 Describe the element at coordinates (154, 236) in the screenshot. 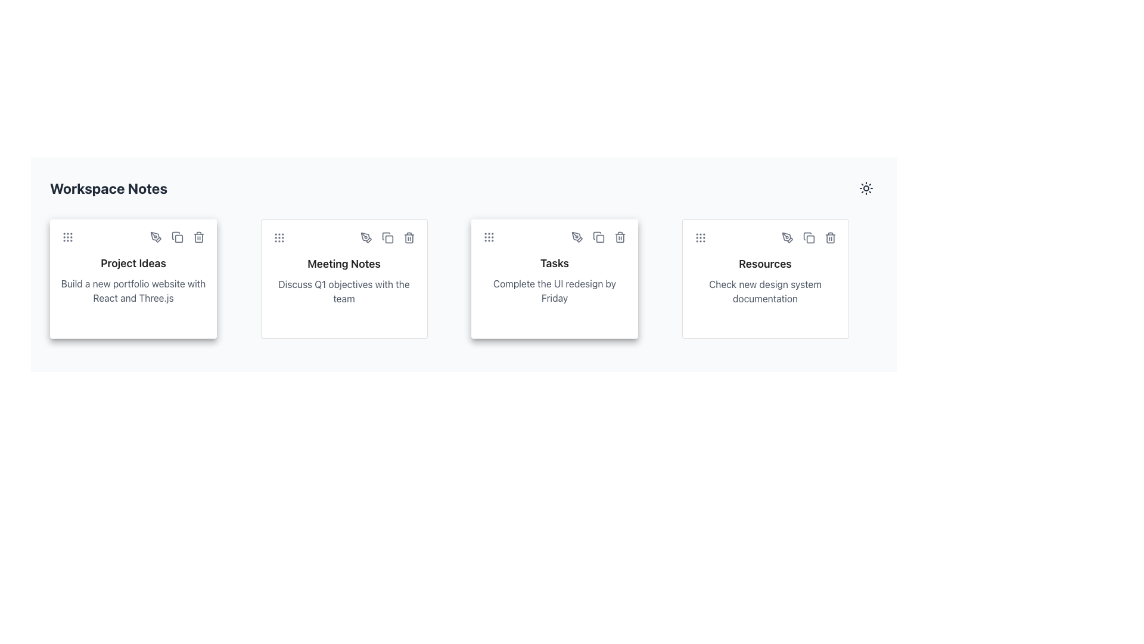

I see `the compact pen icon located in the top-right corner of the 'Project Ideas' card` at that location.